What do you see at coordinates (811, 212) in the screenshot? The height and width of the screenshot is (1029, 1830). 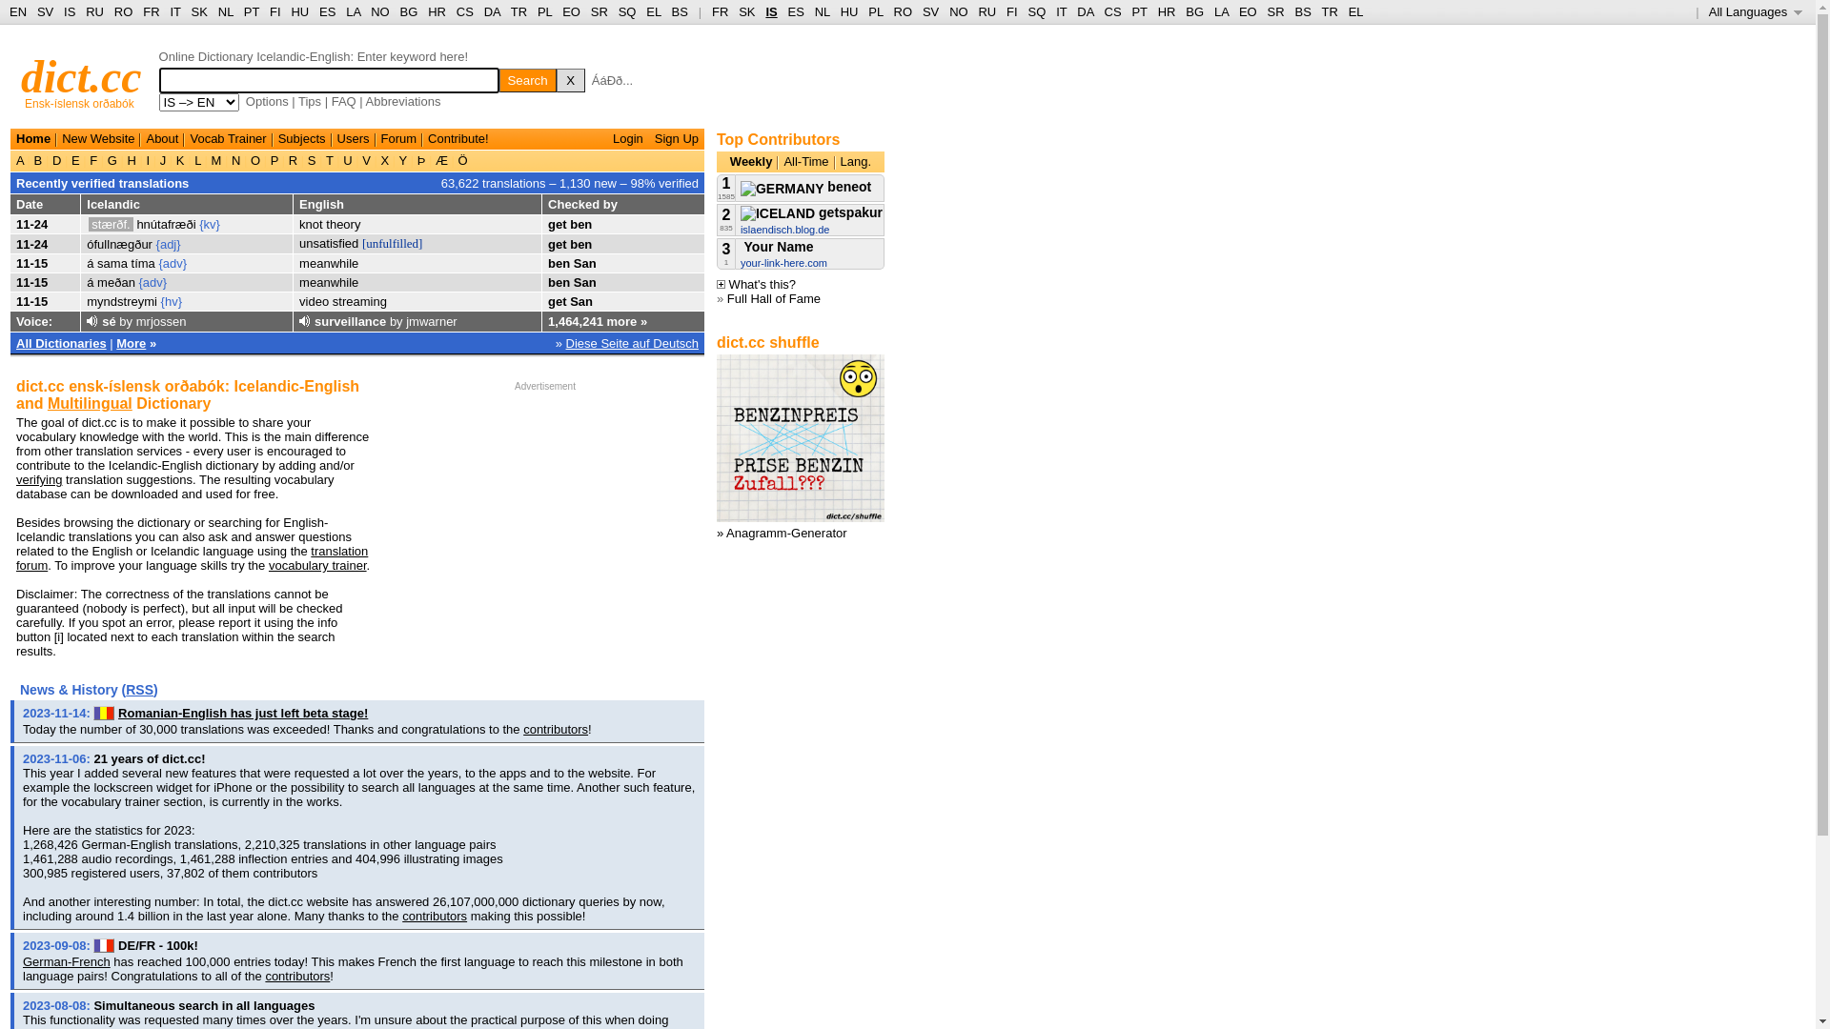 I see `'getspakur'` at bounding box center [811, 212].